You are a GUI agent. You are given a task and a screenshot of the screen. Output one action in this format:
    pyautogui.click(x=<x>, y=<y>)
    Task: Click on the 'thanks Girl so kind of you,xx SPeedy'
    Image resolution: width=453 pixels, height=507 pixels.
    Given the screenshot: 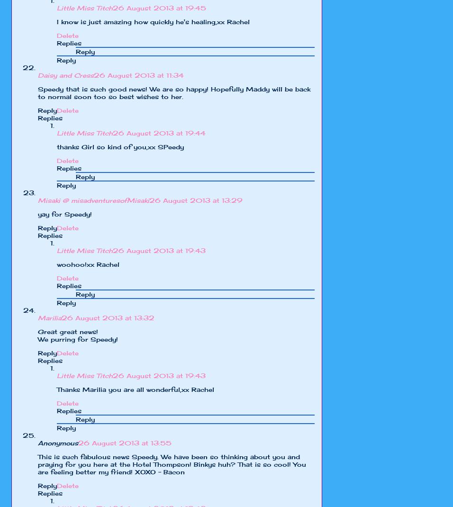 What is the action you would take?
    pyautogui.click(x=120, y=146)
    